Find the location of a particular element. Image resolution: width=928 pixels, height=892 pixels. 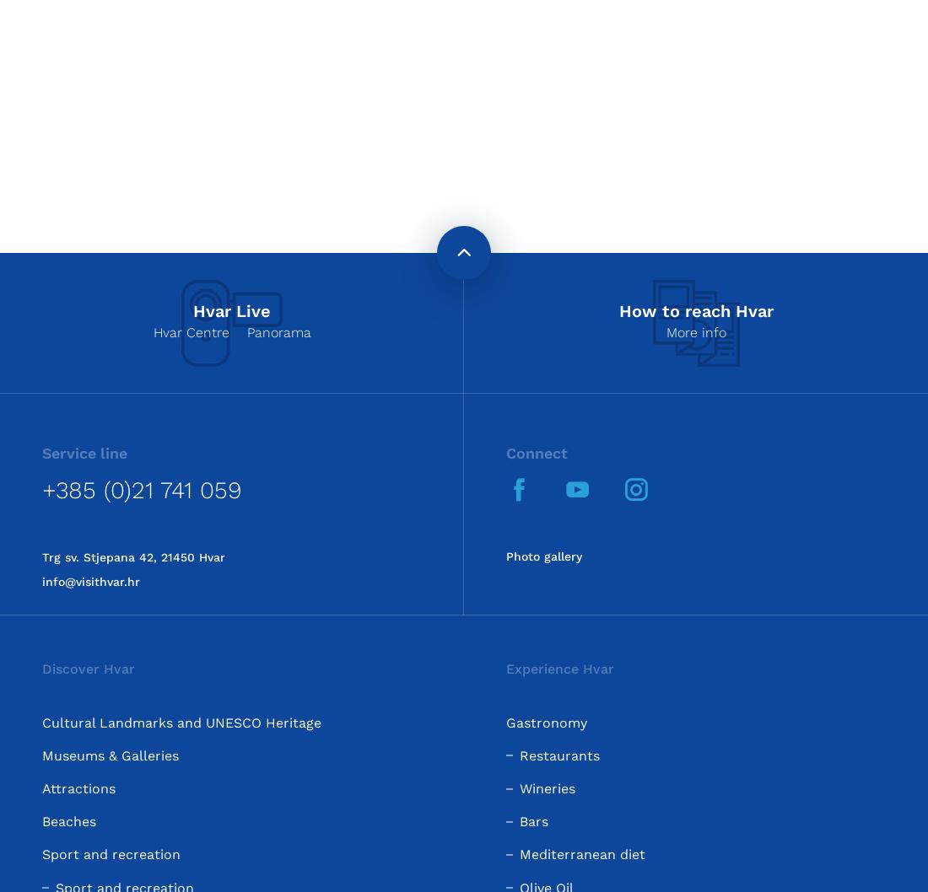

'Beaches' is located at coordinates (41, 820).